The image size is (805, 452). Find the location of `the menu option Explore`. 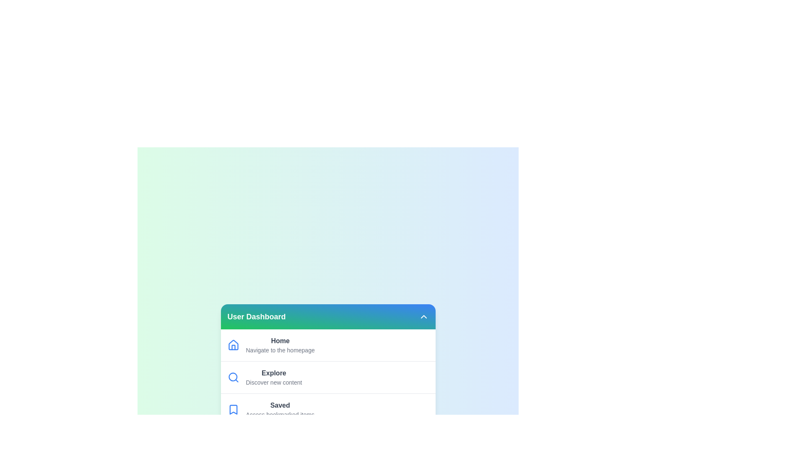

the menu option Explore is located at coordinates (327, 377).